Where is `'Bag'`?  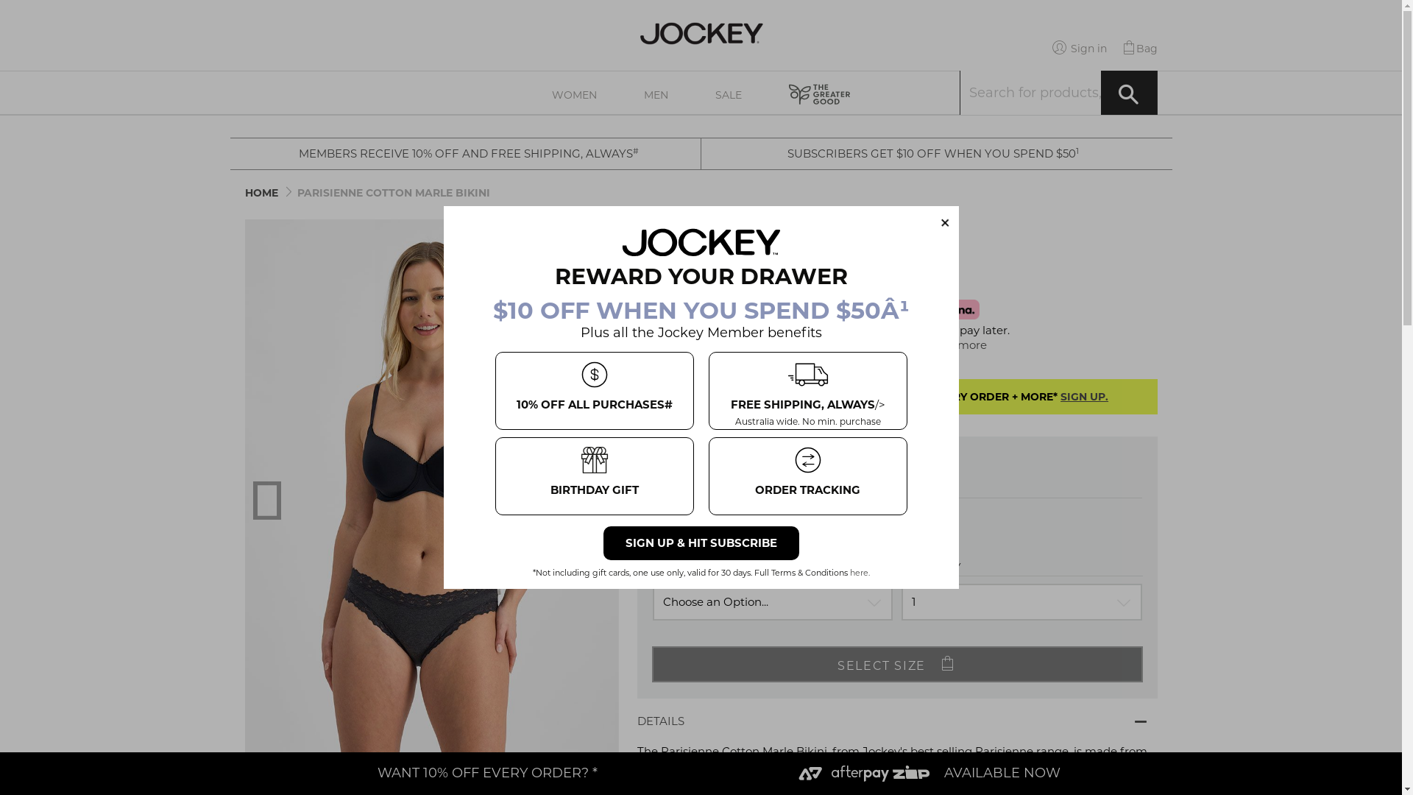
'Bag' is located at coordinates (1138, 47).